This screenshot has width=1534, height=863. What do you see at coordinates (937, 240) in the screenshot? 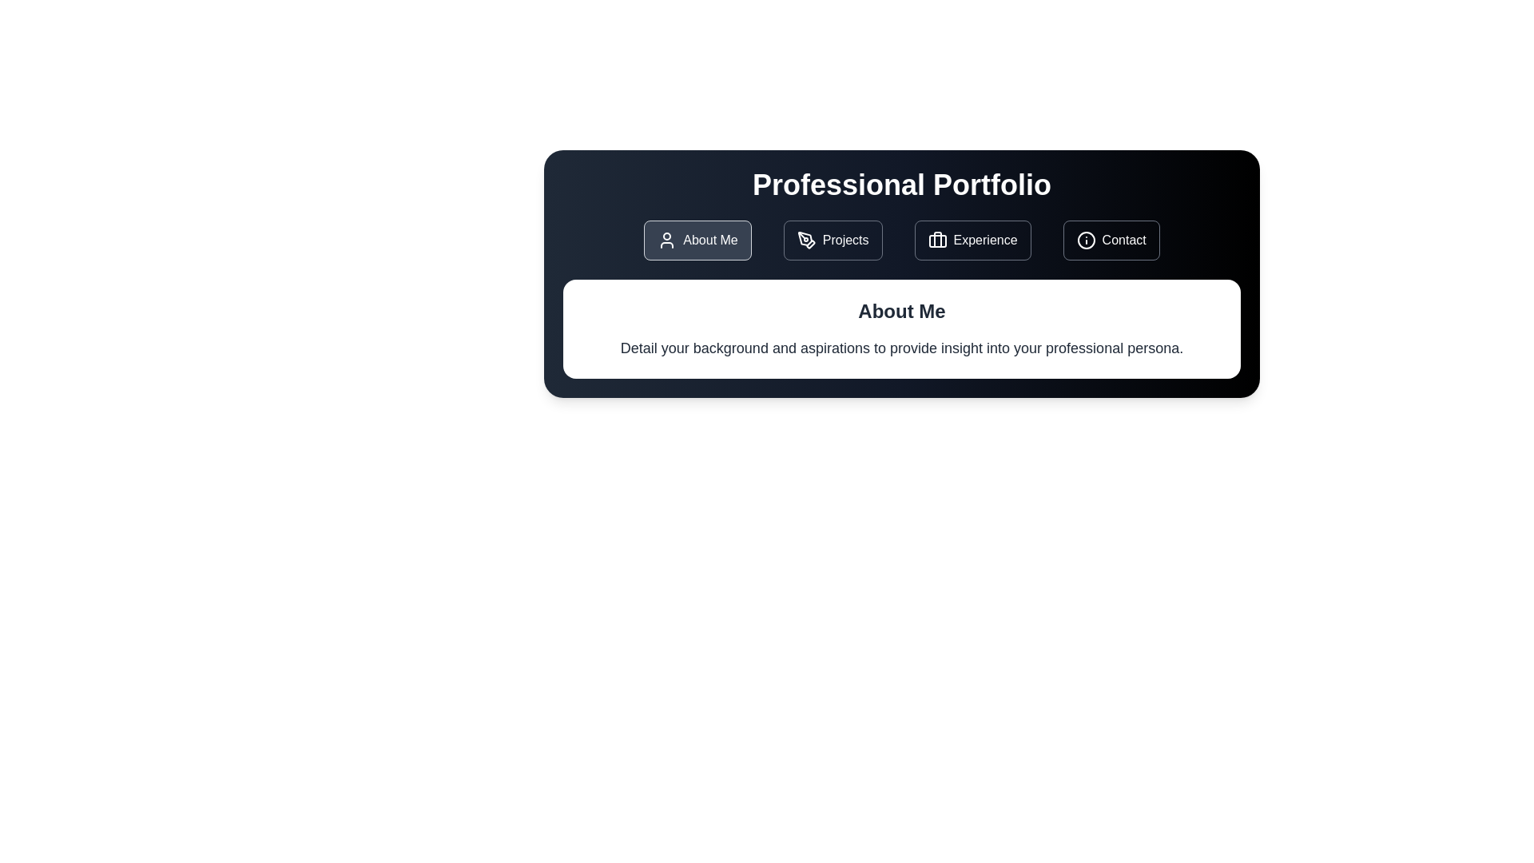
I see `decorative vertical segment of the 'Experience' icon within the navigation bar located below 'Professional Portfolio'` at bounding box center [937, 240].